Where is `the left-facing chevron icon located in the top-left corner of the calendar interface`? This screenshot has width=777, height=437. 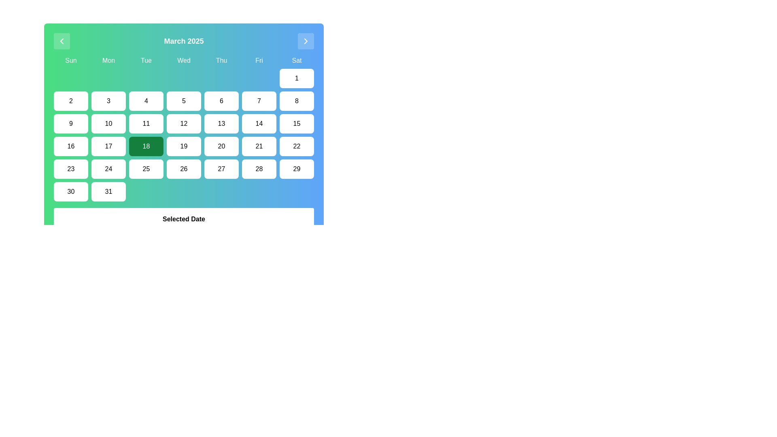 the left-facing chevron icon located in the top-left corner of the calendar interface is located at coordinates (62, 41).